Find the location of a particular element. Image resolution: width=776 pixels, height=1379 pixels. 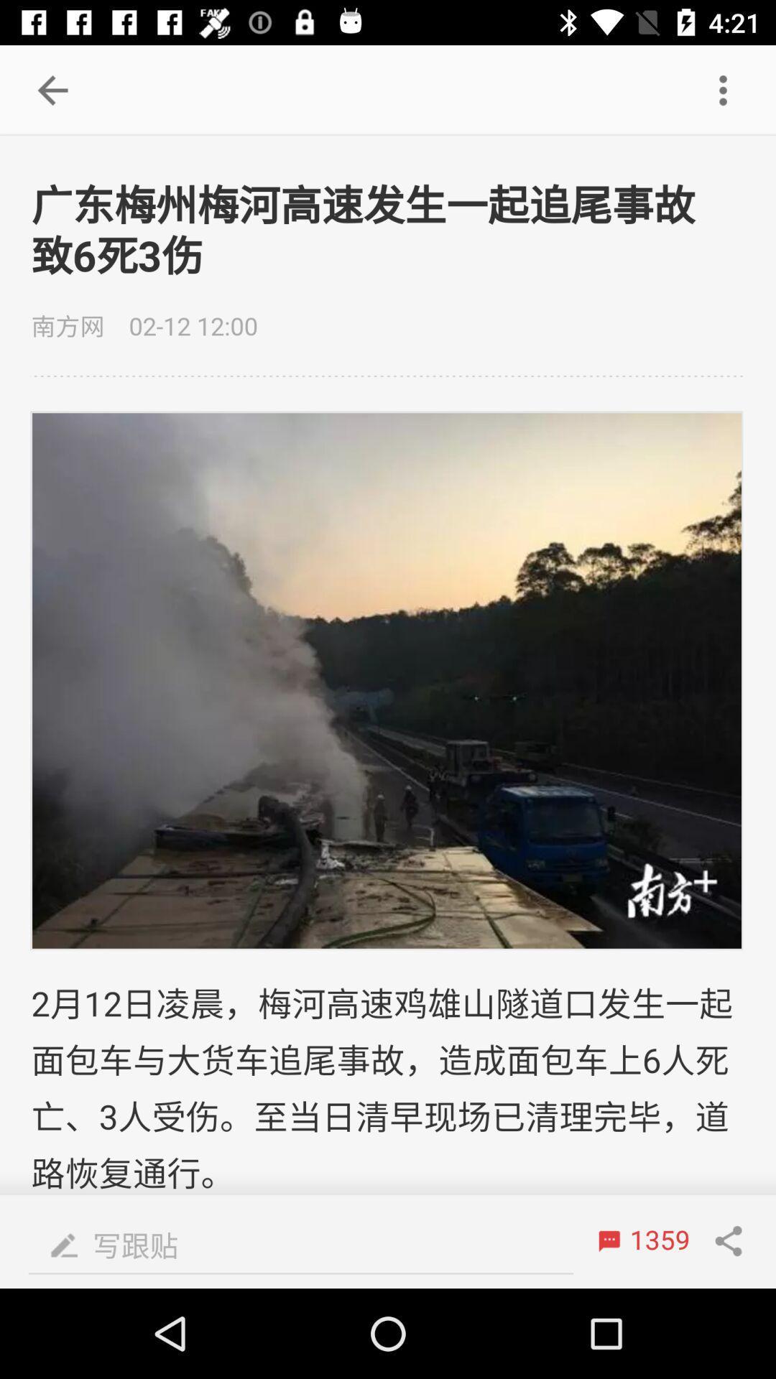

the share icon is located at coordinates (729, 1240).